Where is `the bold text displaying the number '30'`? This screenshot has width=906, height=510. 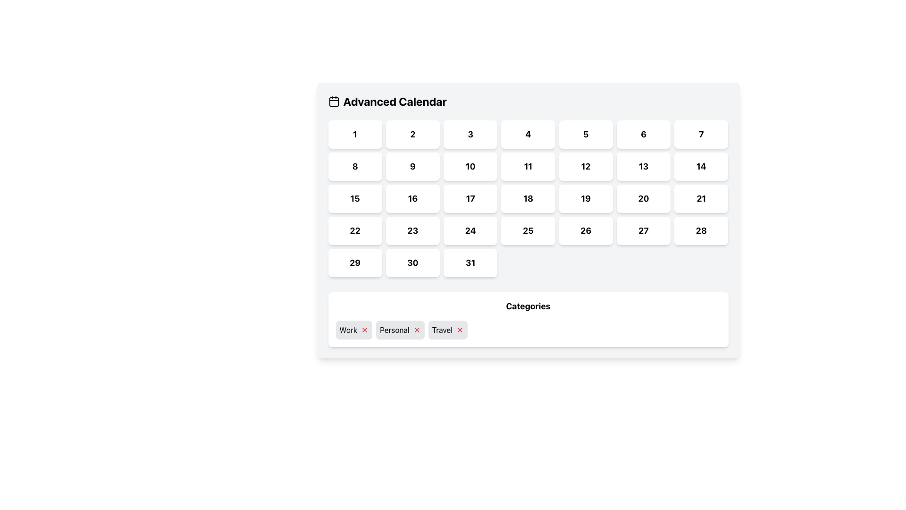
the bold text displaying the number '30' is located at coordinates (412, 263).